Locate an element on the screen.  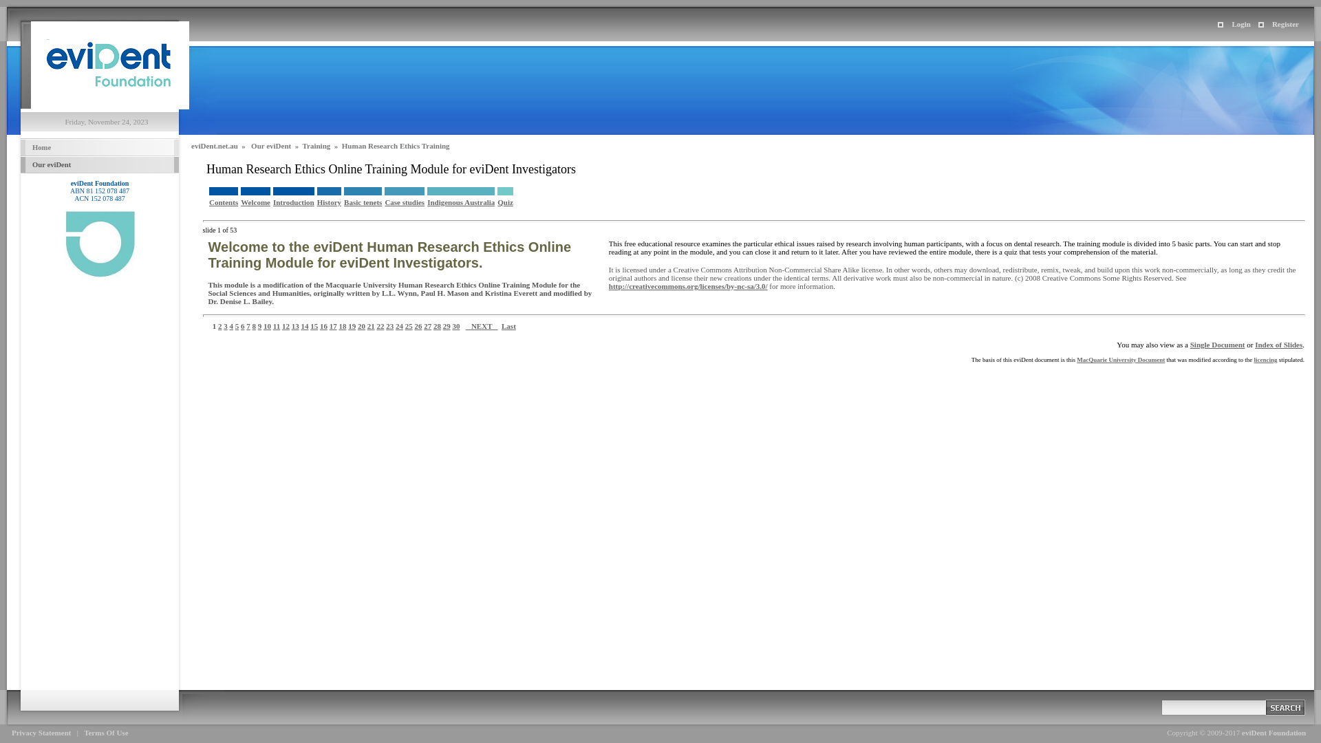
'26' is located at coordinates (417, 326).